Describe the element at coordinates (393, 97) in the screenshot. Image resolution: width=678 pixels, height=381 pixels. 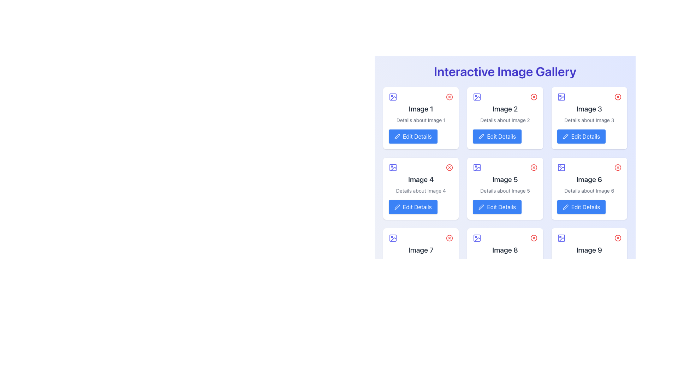
I see `the SVG graphic element indicating 'Image 1', located in the top-left of the image layout adjacent to the text label 'Image 1'` at that location.